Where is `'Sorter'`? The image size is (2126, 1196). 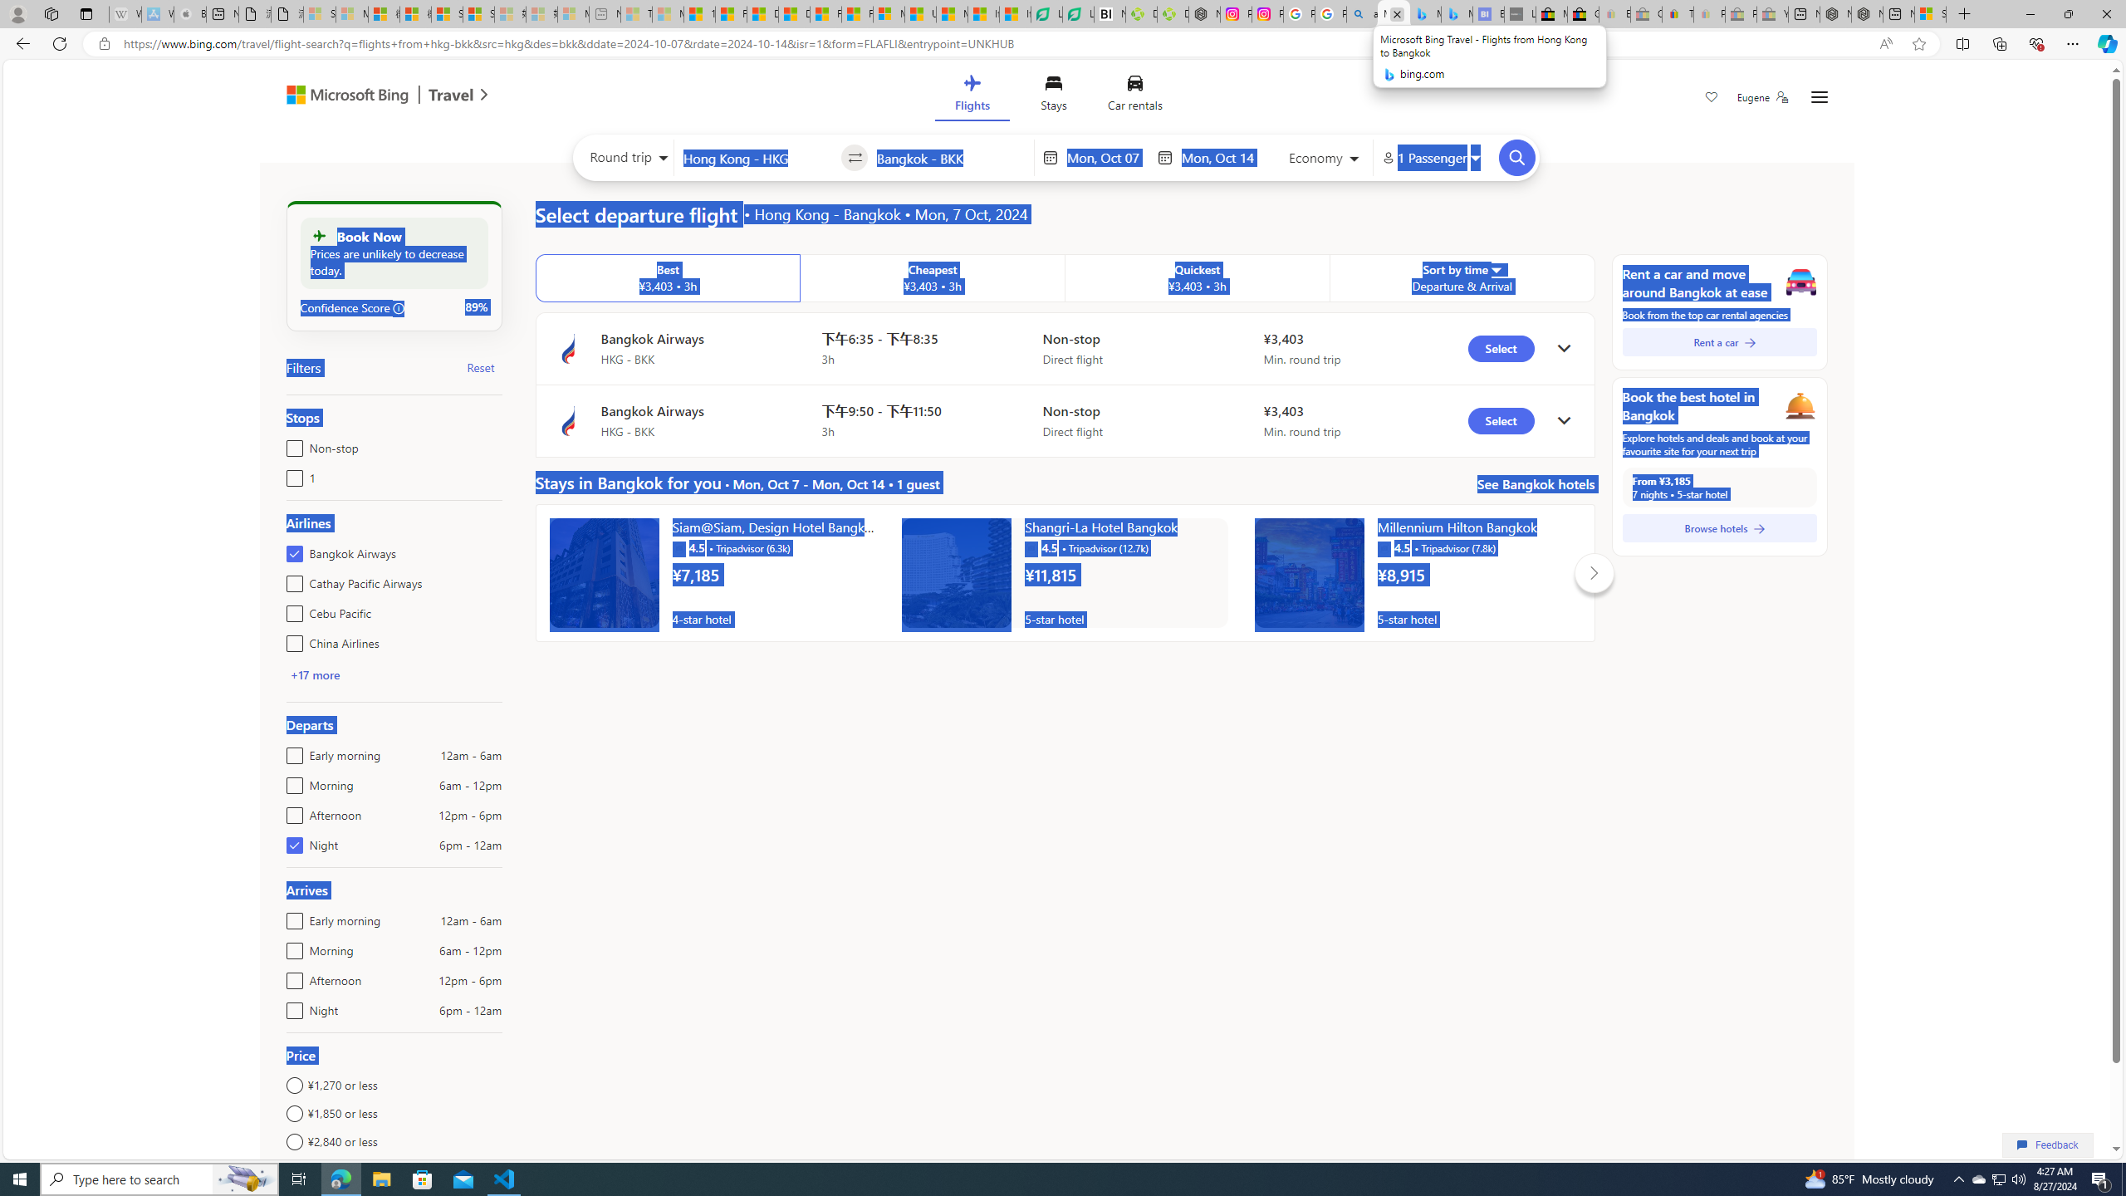 'Sorter' is located at coordinates (1494, 268).